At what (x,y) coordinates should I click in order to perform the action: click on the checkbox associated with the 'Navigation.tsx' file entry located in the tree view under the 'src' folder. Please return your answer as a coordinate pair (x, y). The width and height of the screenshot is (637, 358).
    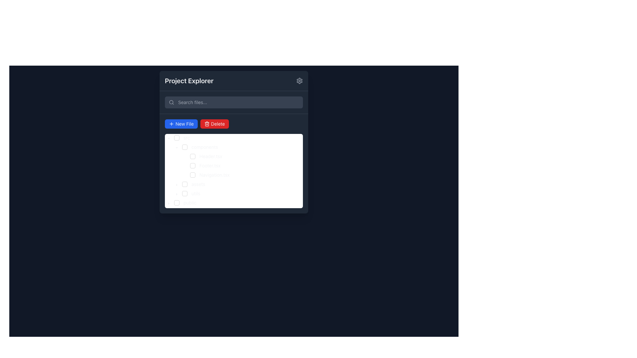
    Looking at the image, I should click on (192, 175).